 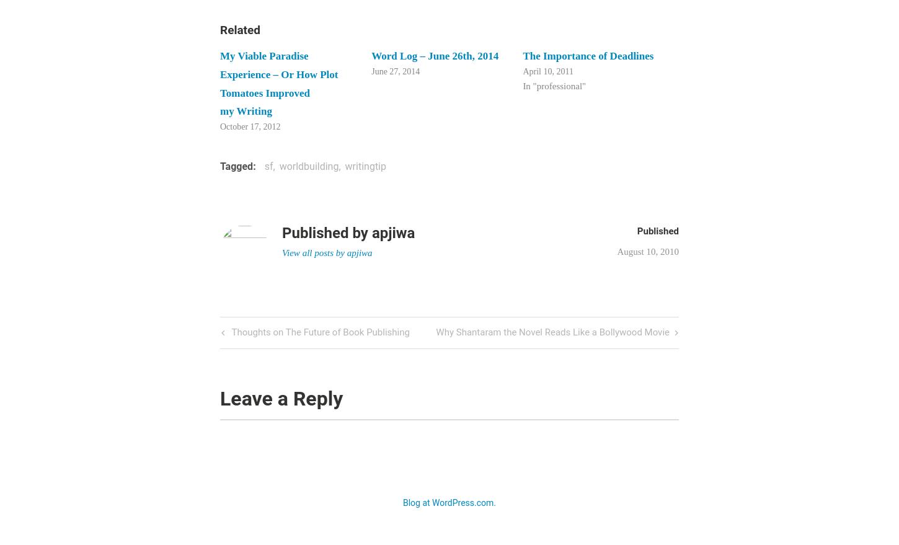 What do you see at coordinates (278, 165) in the screenshot?
I see `'worldbuilding'` at bounding box center [278, 165].